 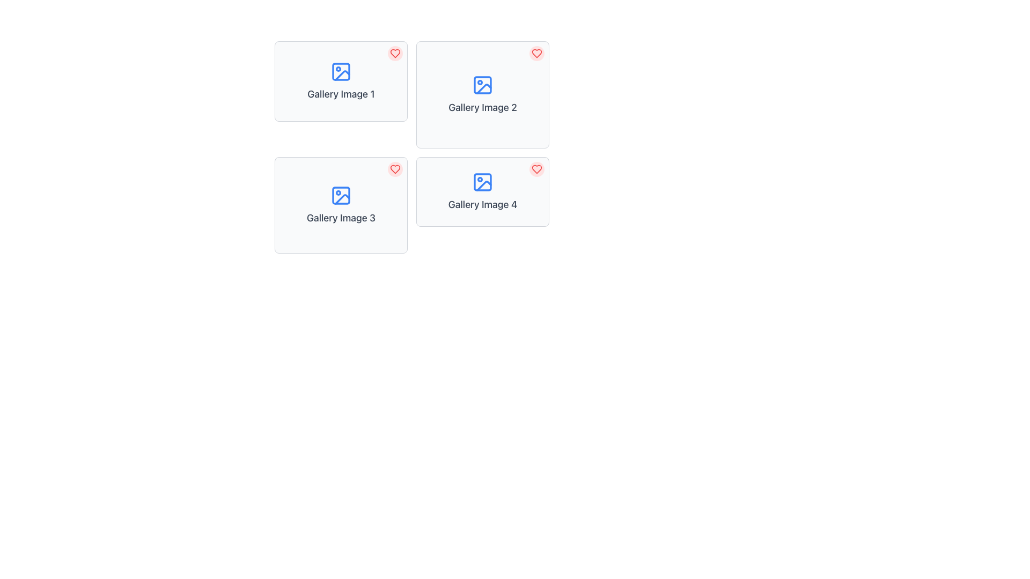 I want to click on the first gallery item card located at the top-left corner of the grid layout, so click(x=340, y=80).